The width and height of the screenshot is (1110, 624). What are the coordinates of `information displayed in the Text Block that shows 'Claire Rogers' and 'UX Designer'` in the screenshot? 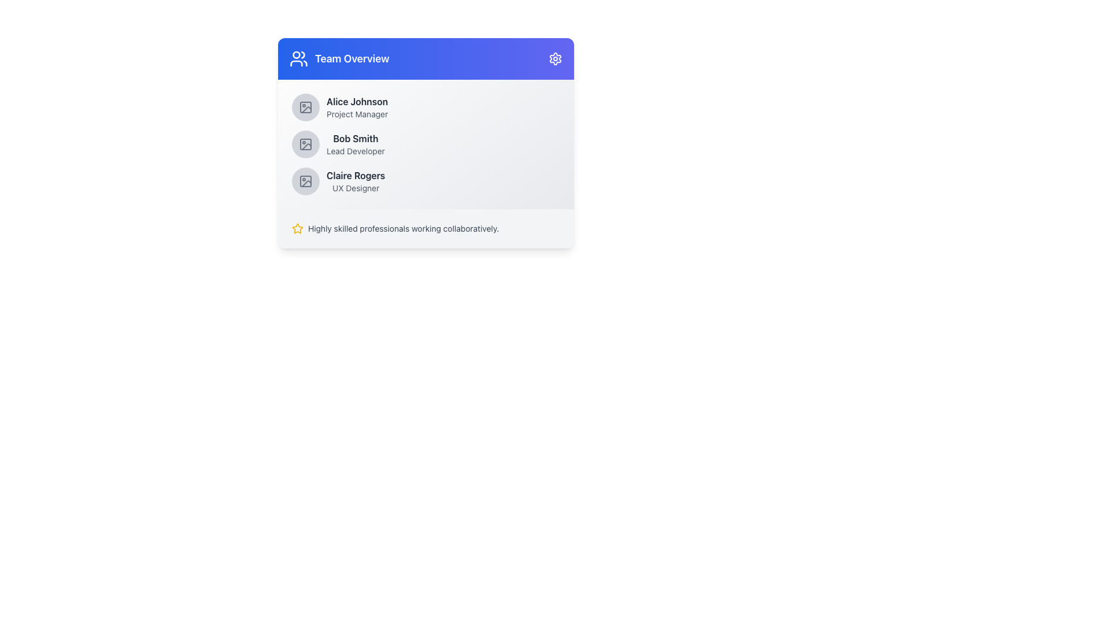 It's located at (355, 181).